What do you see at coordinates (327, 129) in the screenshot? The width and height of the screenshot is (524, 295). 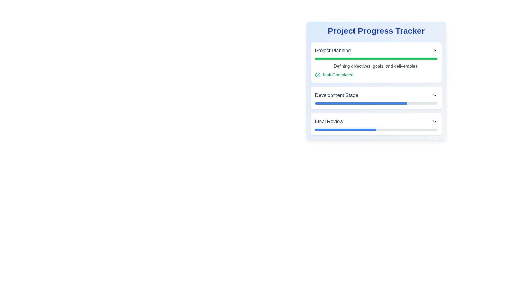 I see `the completion percentage of the 'Final Review' progress bar` at bounding box center [327, 129].